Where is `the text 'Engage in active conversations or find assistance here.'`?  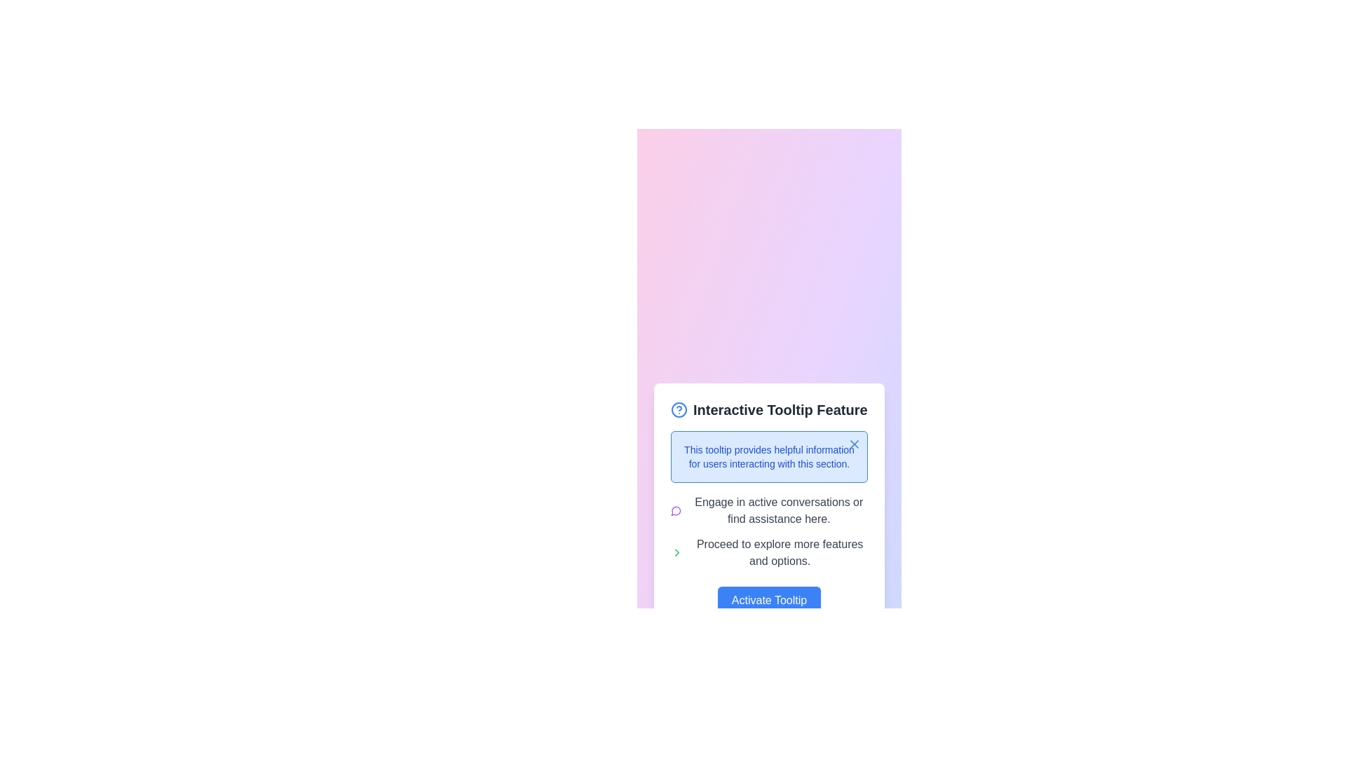
the text 'Engage in active conversations or find assistance here.' is located at coordinates (768, 511).